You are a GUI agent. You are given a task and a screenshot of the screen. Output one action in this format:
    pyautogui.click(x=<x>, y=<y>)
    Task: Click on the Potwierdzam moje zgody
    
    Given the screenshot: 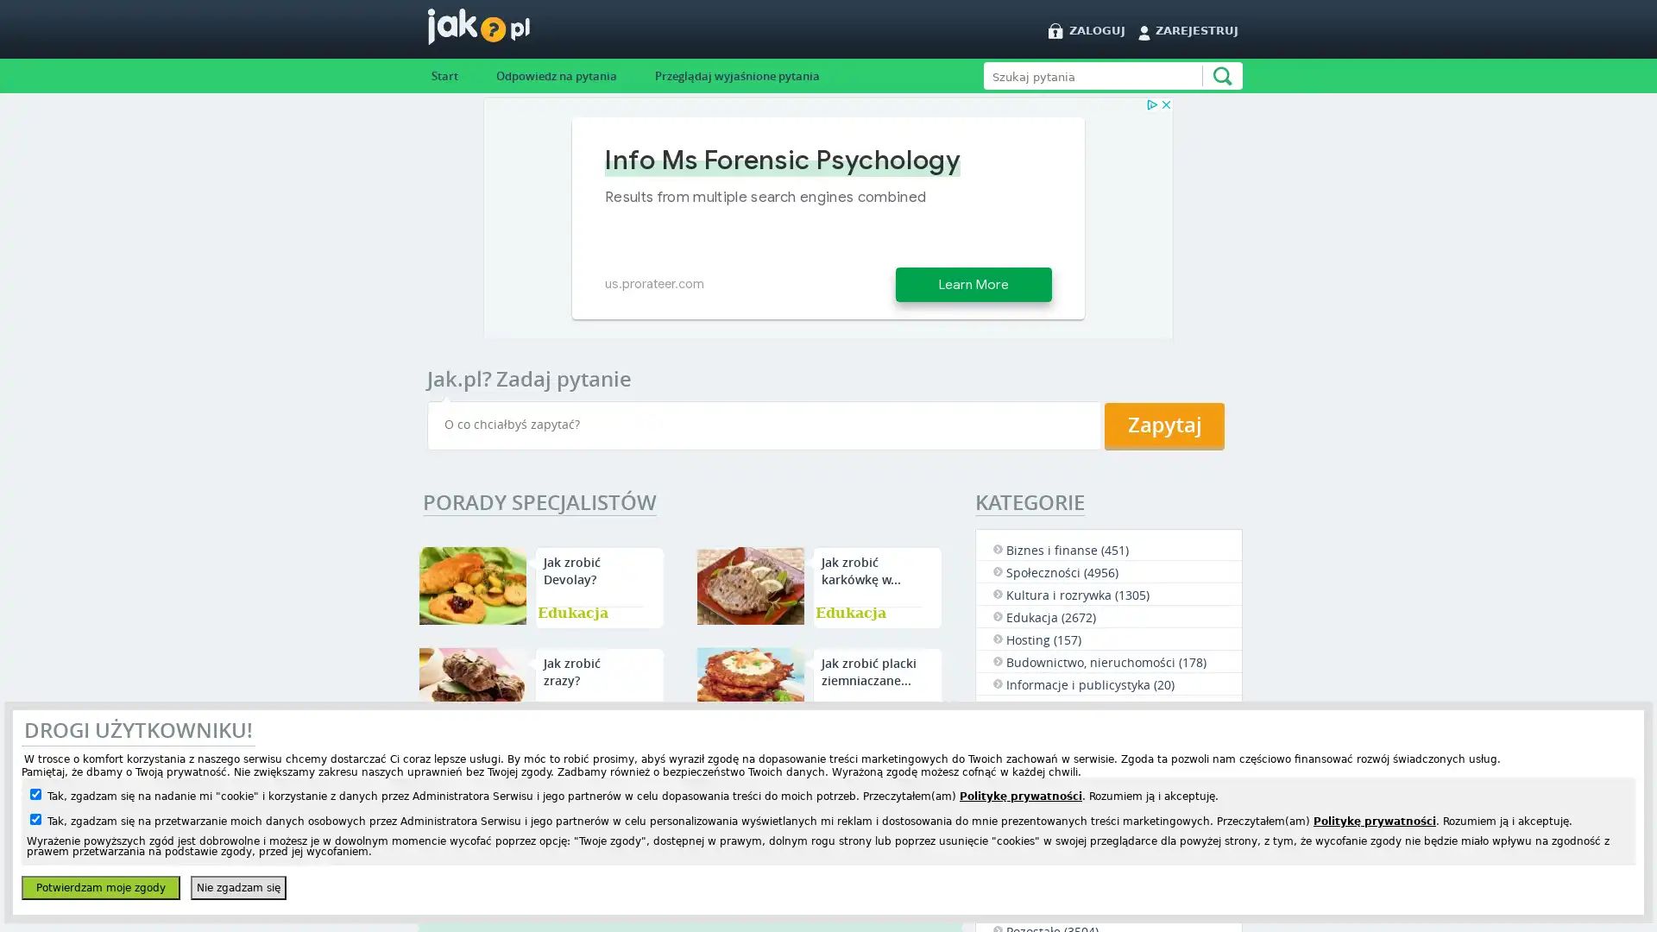 What is the action you would take?
    pyautogui.click(x=99, y=888)
    